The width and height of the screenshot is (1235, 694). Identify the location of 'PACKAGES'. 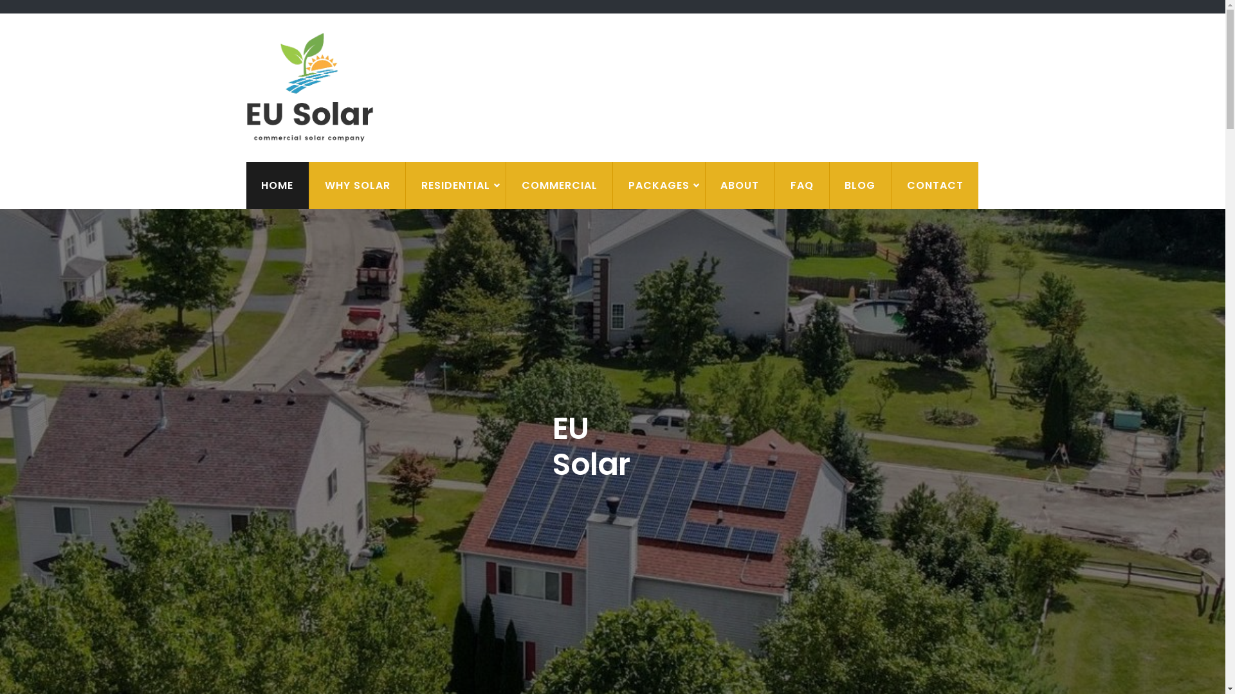
(658, 185).